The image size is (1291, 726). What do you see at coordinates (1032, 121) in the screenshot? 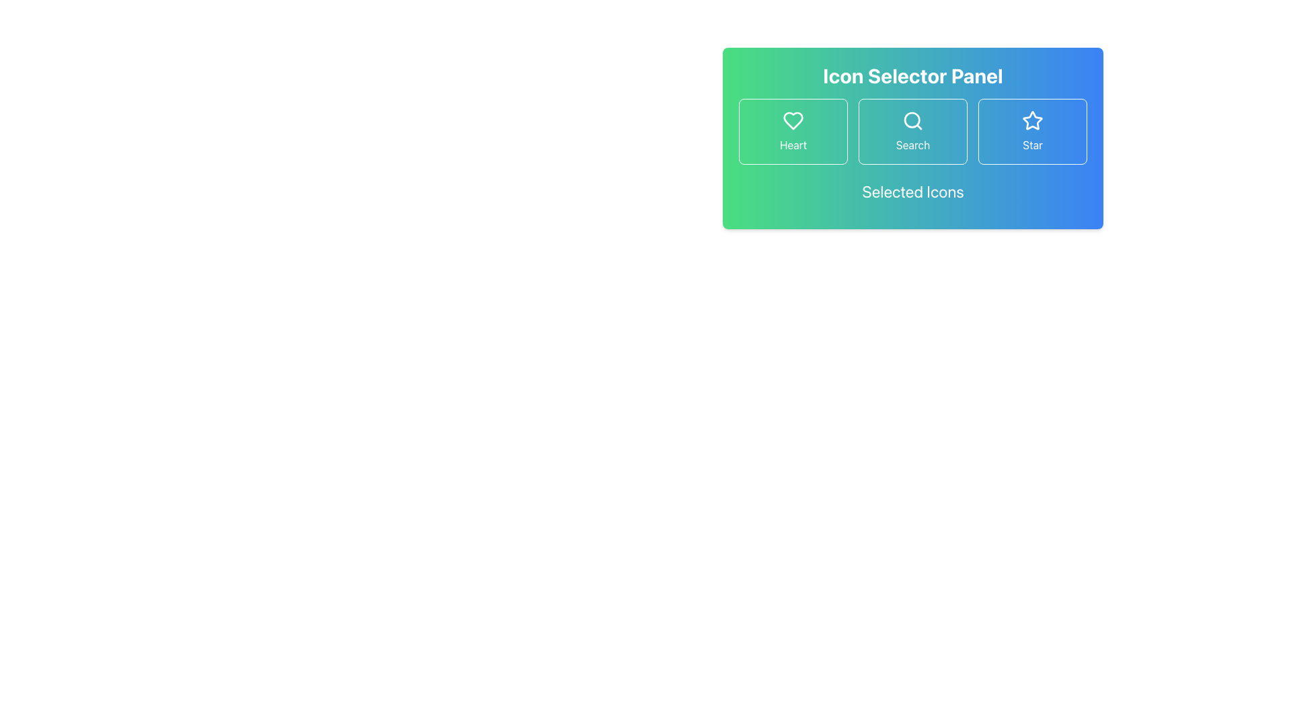
I see `the visual state of the star icon, which is the third button in the horizontal group of the 'Icon Selector Panel', to indicate its selection status` at bounding box center [1032, 121].